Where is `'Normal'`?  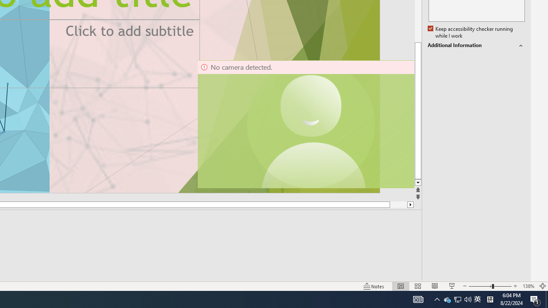
'Normal' is located at coordinates (400, 286).